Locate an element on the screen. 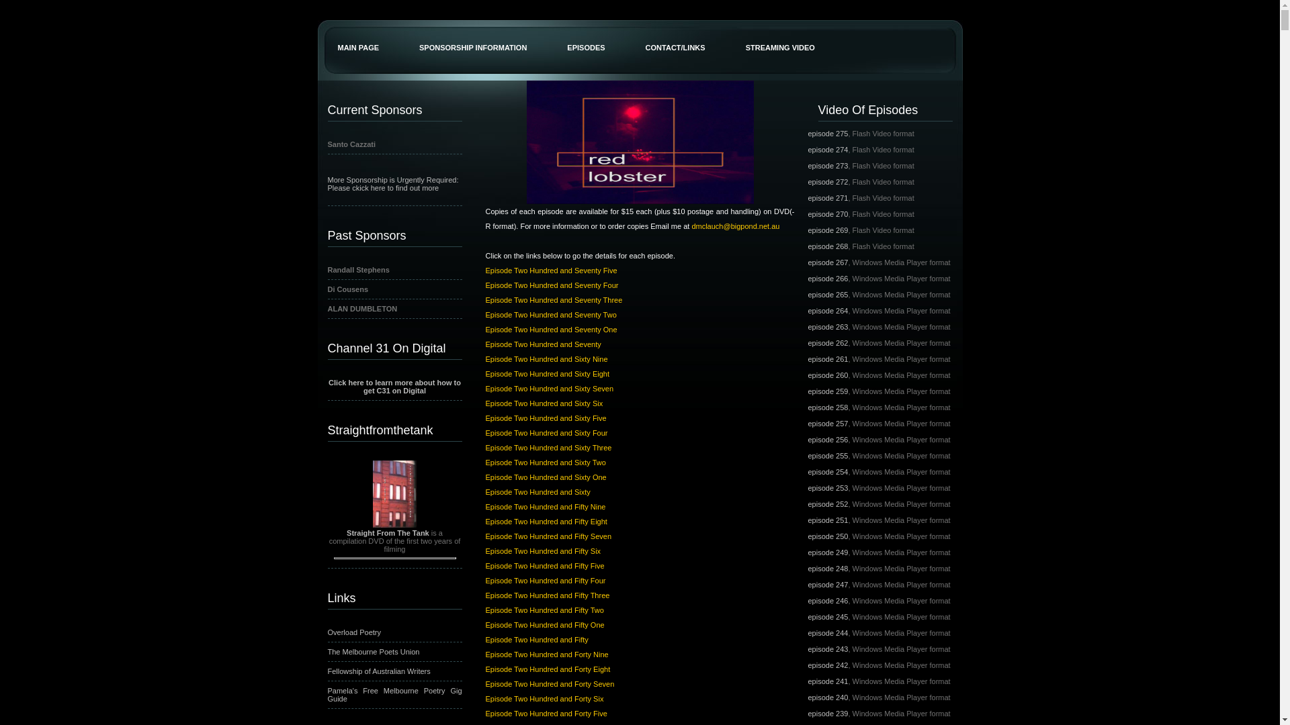 The height and width of the screenshot is (725, 1290). 'Episode Two Hundred and Fifty Six' is located at coordinates (484, 551).